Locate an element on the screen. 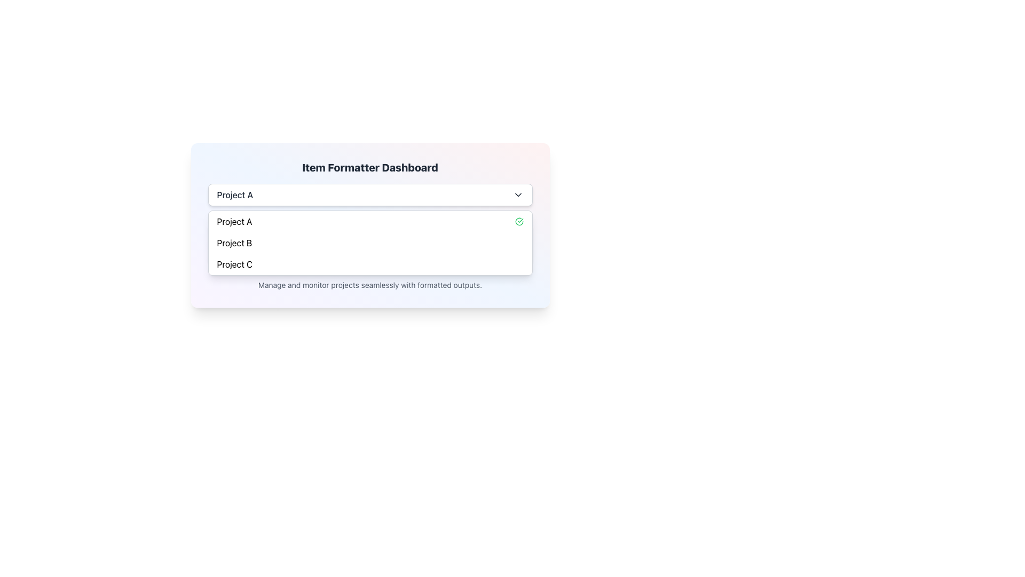 The width and height of the screenshot is (1025, 577). to select the list item displaying 'Project C', which is the third item in the dropdown menu is located at coordinates (370, 264).